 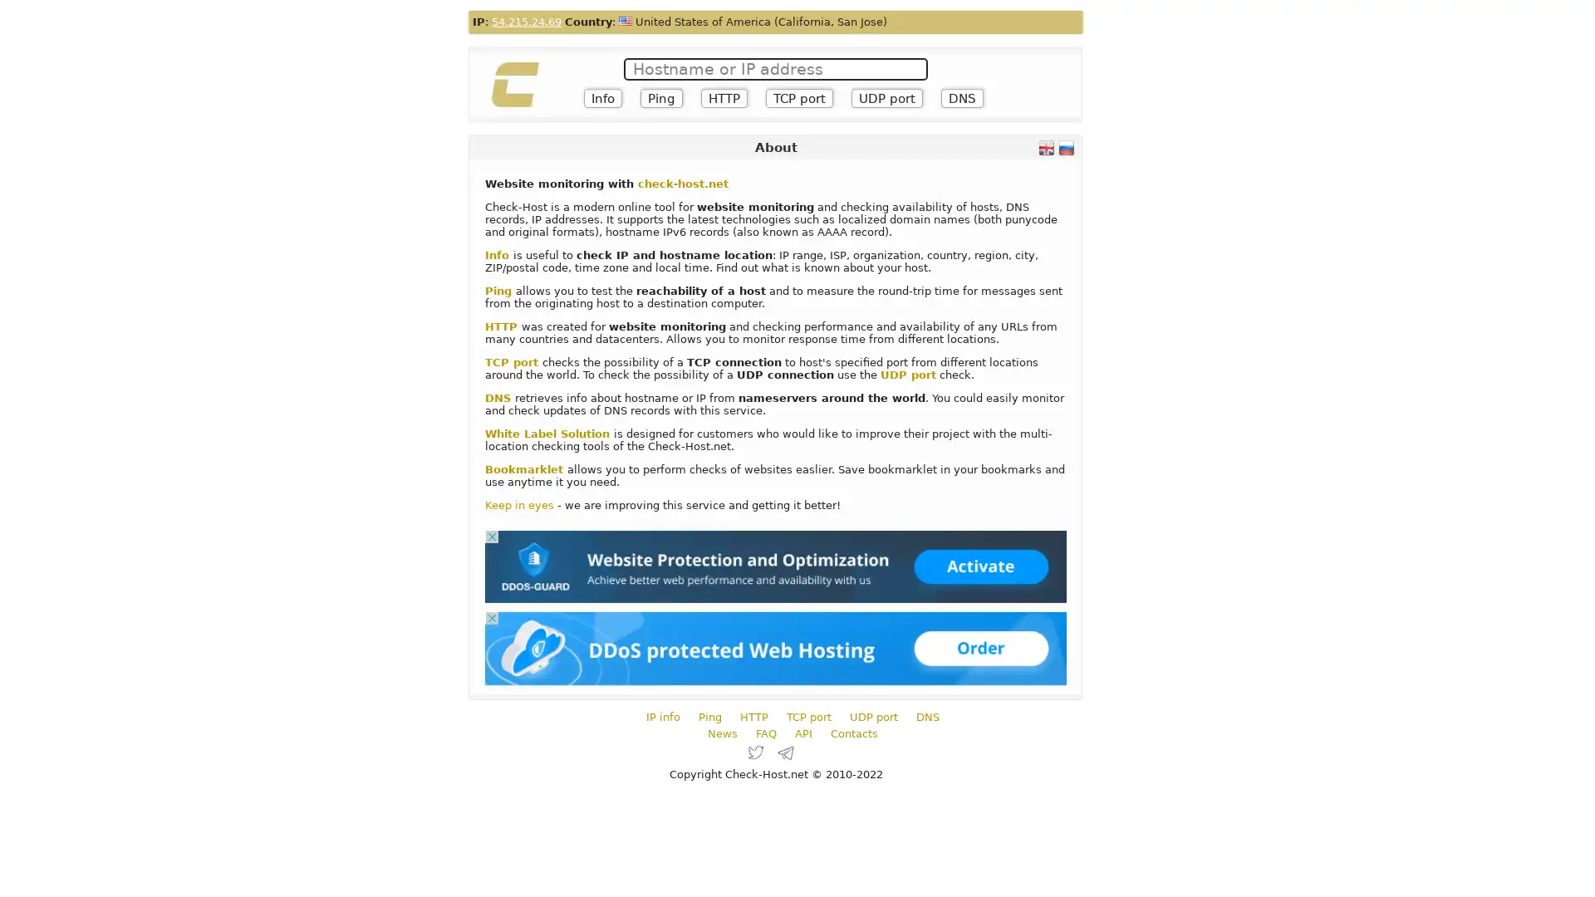 What do you see at coordinates (798, 98) in the screenshot?
I see `TCP port` at bounding box center [798, 98].